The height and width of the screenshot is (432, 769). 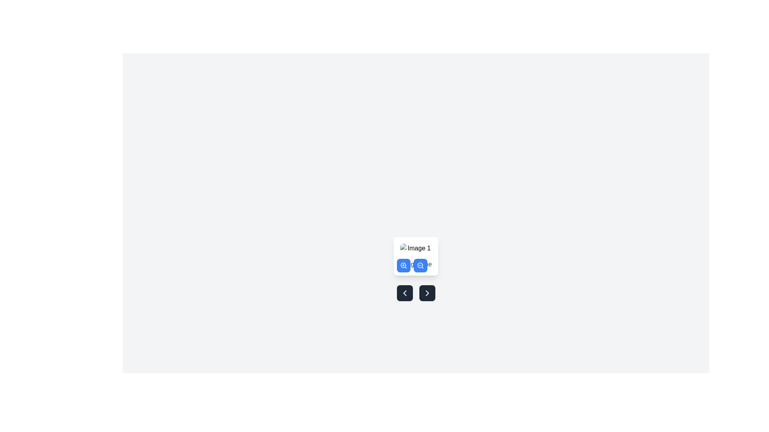 What do you see at coordinates (427, 293) in the screenshot?
I see `the right-facing chevron icon, styled as an SVG graphic, located inside a rounded rectangular button at the bottom right of the interface` at bounding box center [427, 293].